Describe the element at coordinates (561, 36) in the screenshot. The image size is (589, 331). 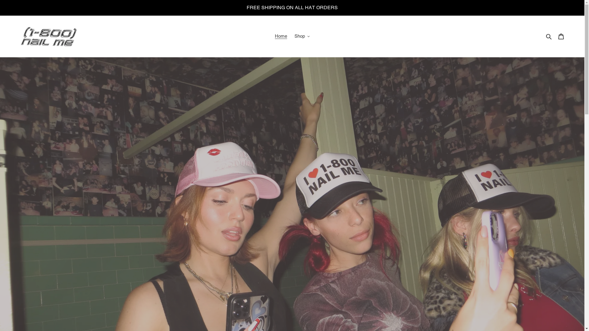
I see `'Cart'` at that location.